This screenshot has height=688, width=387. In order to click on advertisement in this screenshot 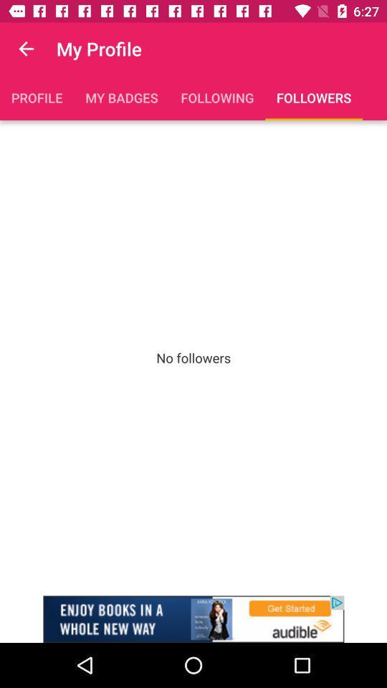, I will do `click(193, 618)`.